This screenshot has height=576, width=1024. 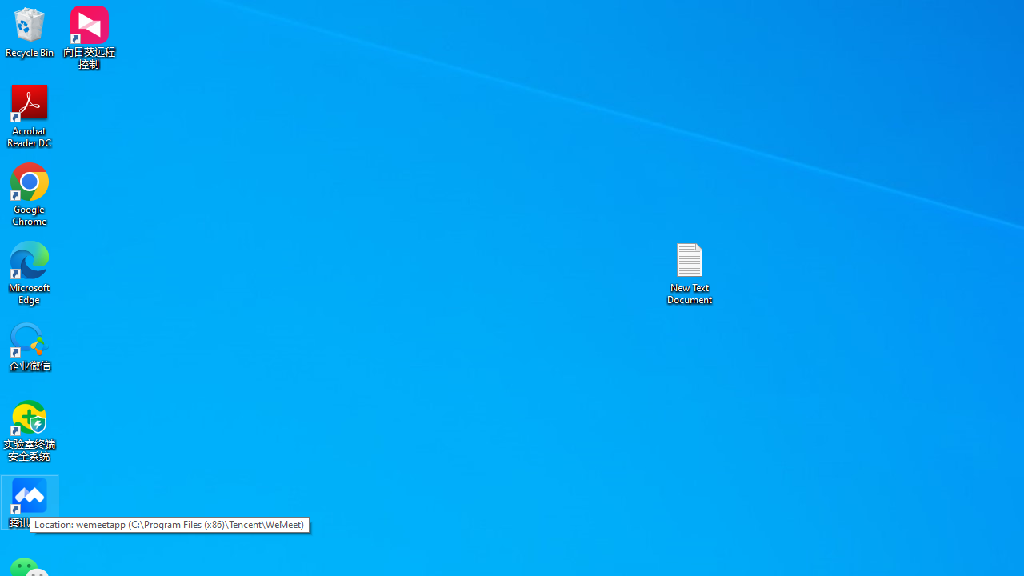 What do you see at coordinates (690, 272) in the screenshot?
I see `'New Text Document'` at bounding box center [690, 272].